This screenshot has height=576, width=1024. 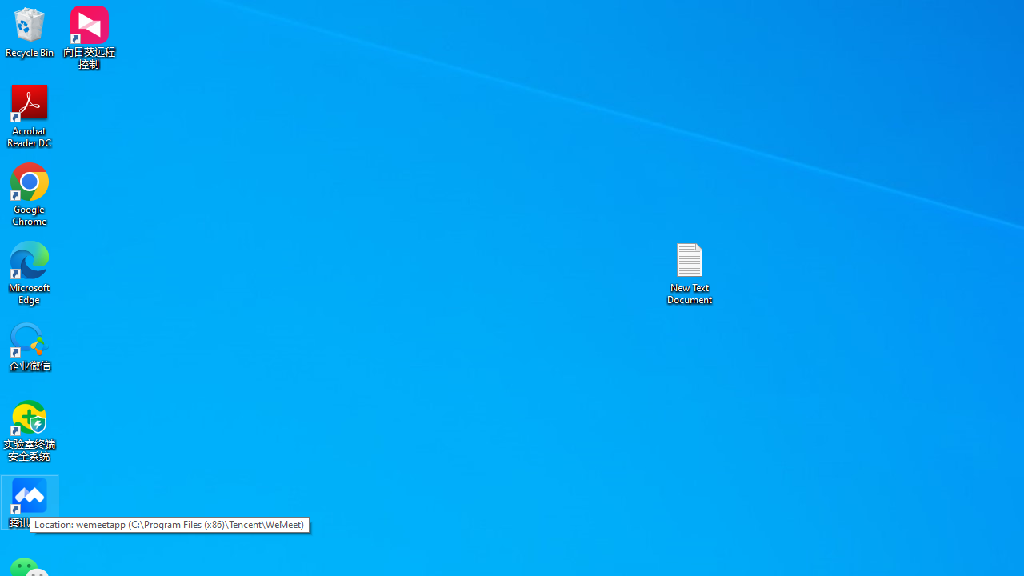 What do you see at coordinates (690, 272) in the screenshot?
I see `'New Text Document'` at bounding box center [690, 272].